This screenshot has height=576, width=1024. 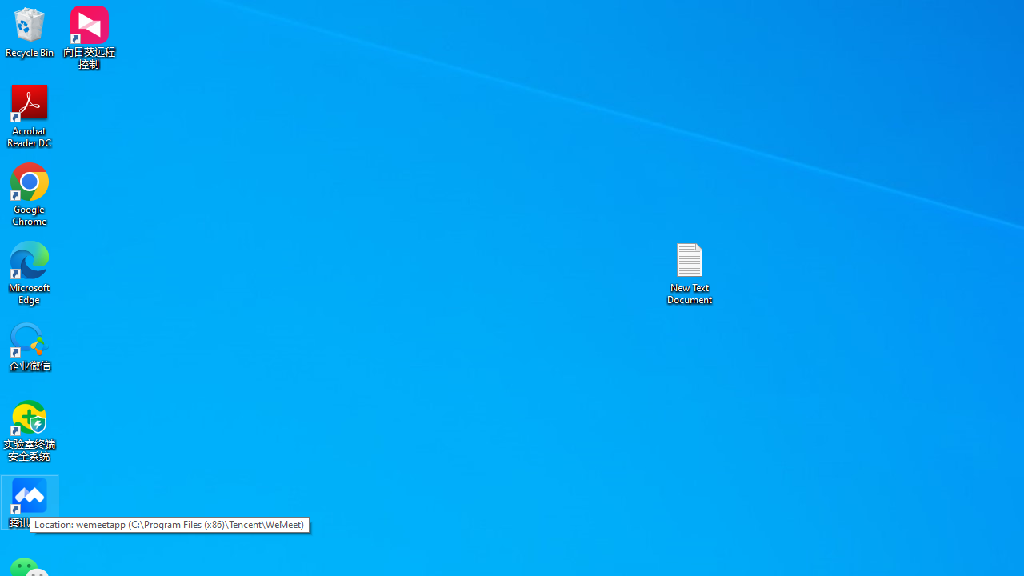 What do you see at coordinates (690, 272) in the screenshot?
I see `'New Text Document'` at bounding box center [690, 272].